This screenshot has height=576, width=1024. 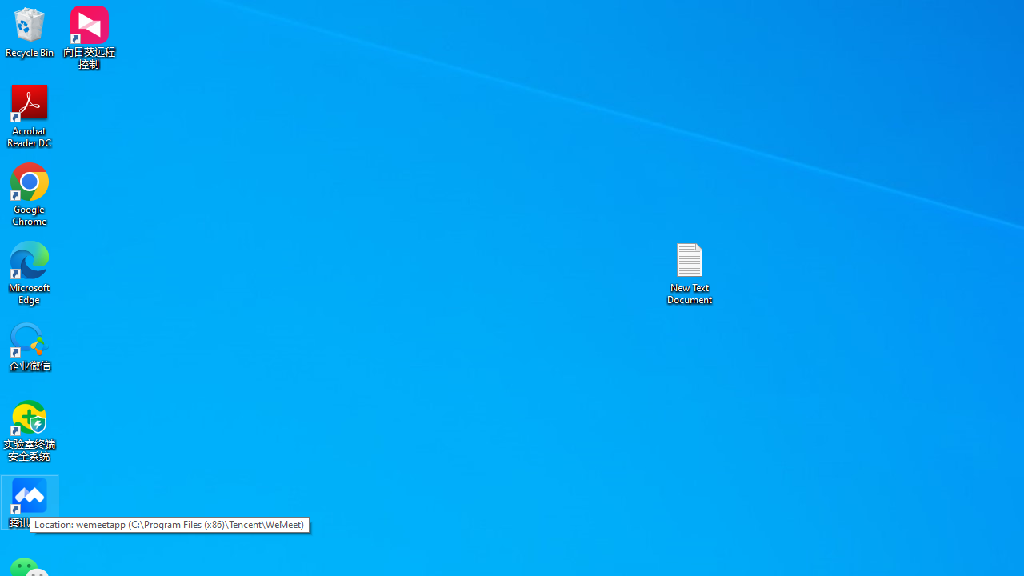 What do you see at coordinates (690, 272) in the screenshot?
I see `'New Text Document'` at bounding box center [690, 272].